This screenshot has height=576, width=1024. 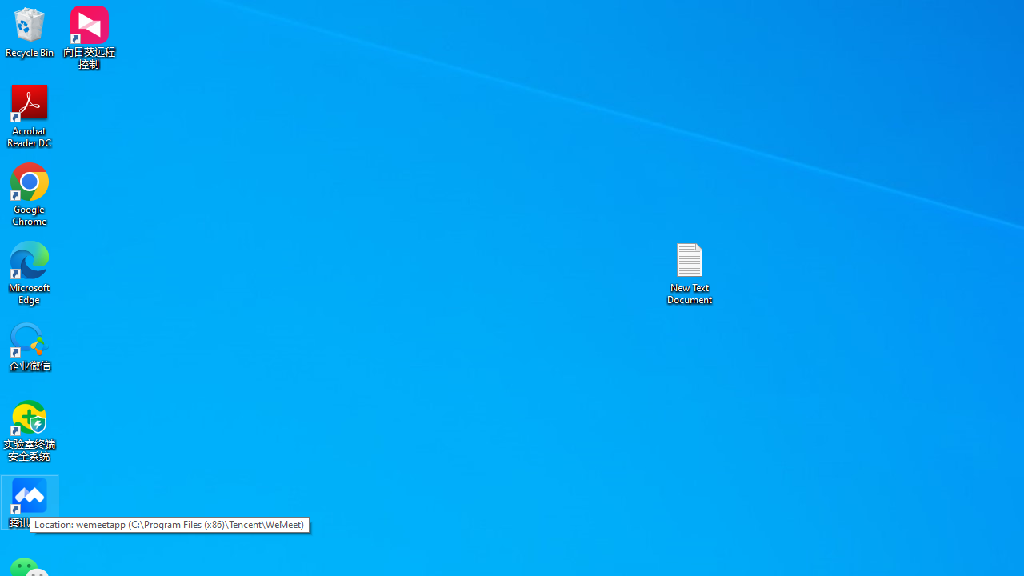 What do you see at coordinates (690, 272) in the screenshot?
I see `'New Text Document'` at bounding box center [690, 272].